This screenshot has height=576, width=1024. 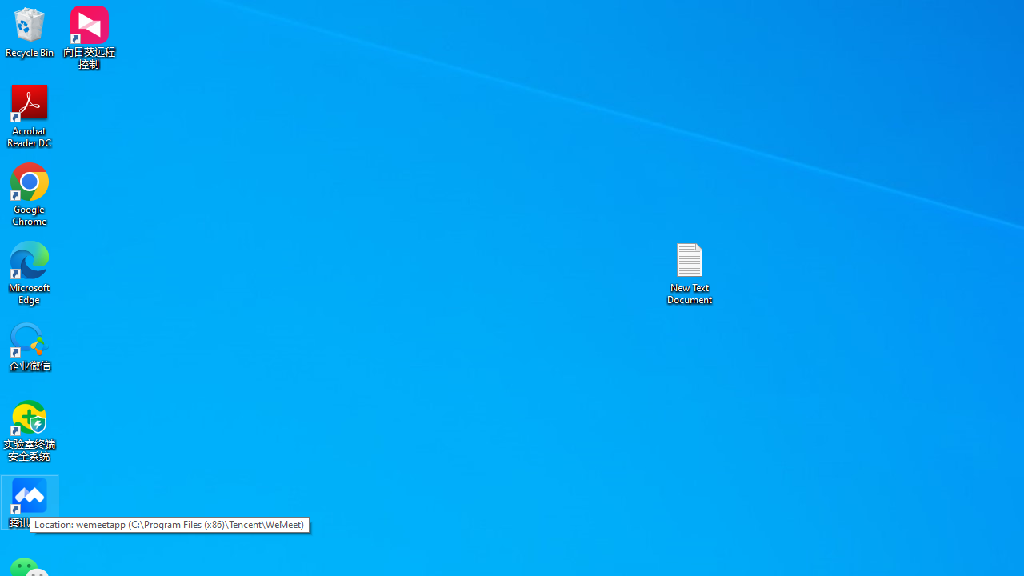 What do you see at coordinates (690, 272) in the screenshot?
I see `'New Text Document'` at bounding box center [690, 272].